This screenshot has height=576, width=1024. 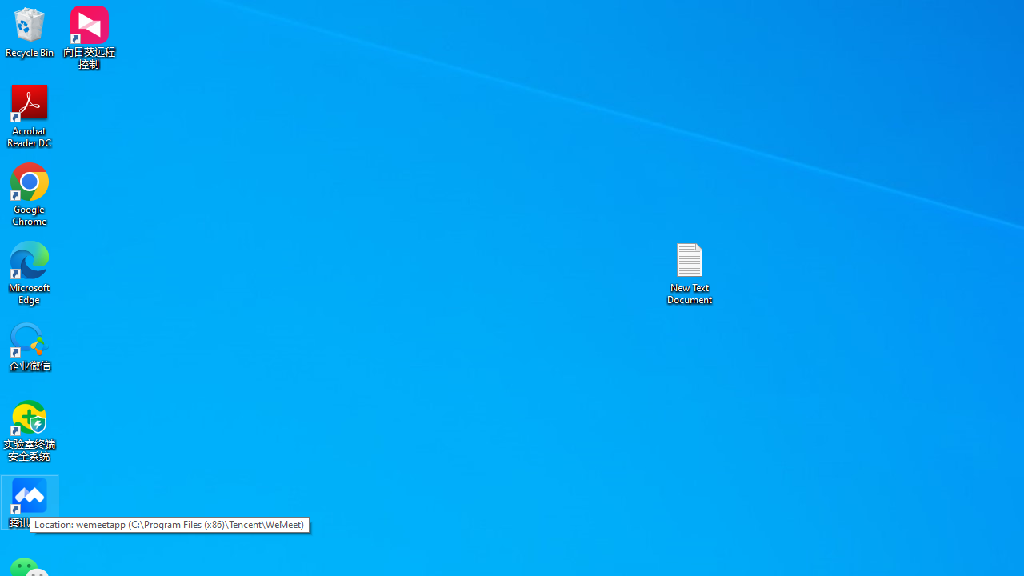 What do you see at coordinates (690, 272) in the screenshot?
I see `'New Text Document'` at bounding box center [690, 272].